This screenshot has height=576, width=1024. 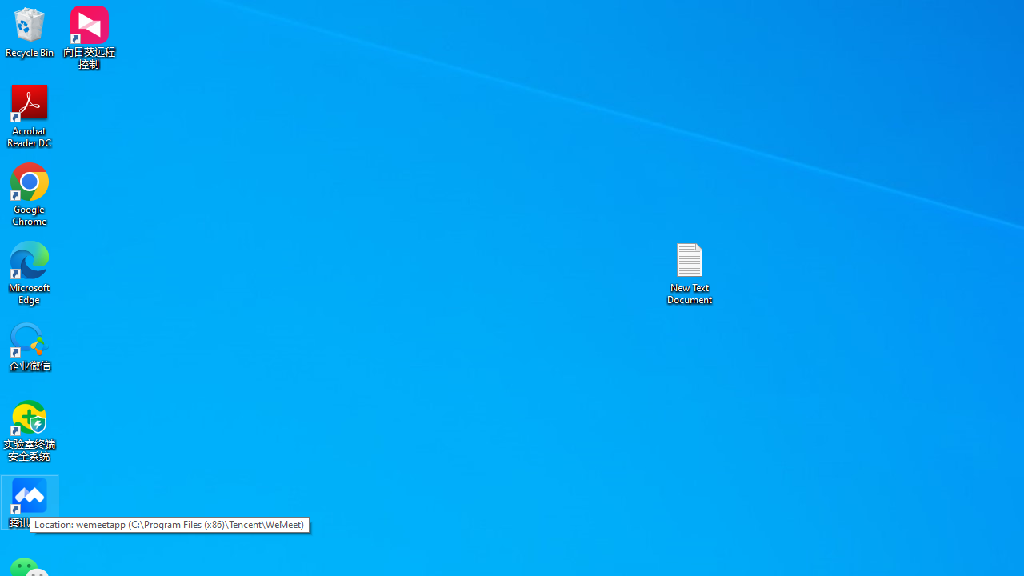 What do you see at coordinates (690, 272) in the screenshot?
I see `'New Text Document'` at bounding box center [690, 272].